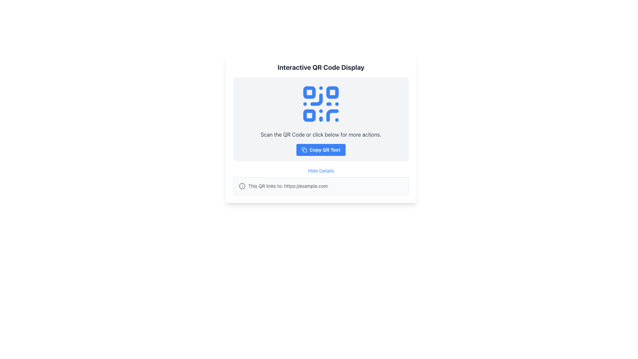 The height and width of the screenshot is (359, 638). I want to click on the text label that reads 'This QR links to: https://example.com', which is styled with gray color and small text size, located adjacent to an icon on its left, positioned toward the bottom center of the interface, so click(288, 186).